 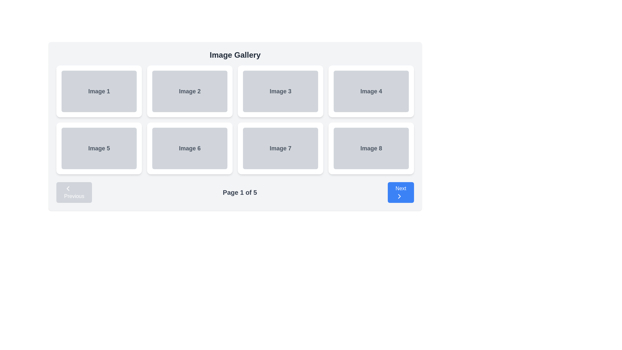 I want to click on the static visual element labeled 'Image 3' in the 'Image Gallery' interface, which is positioned in the second row, second column of the grid layout, so click(x=280, y=91).